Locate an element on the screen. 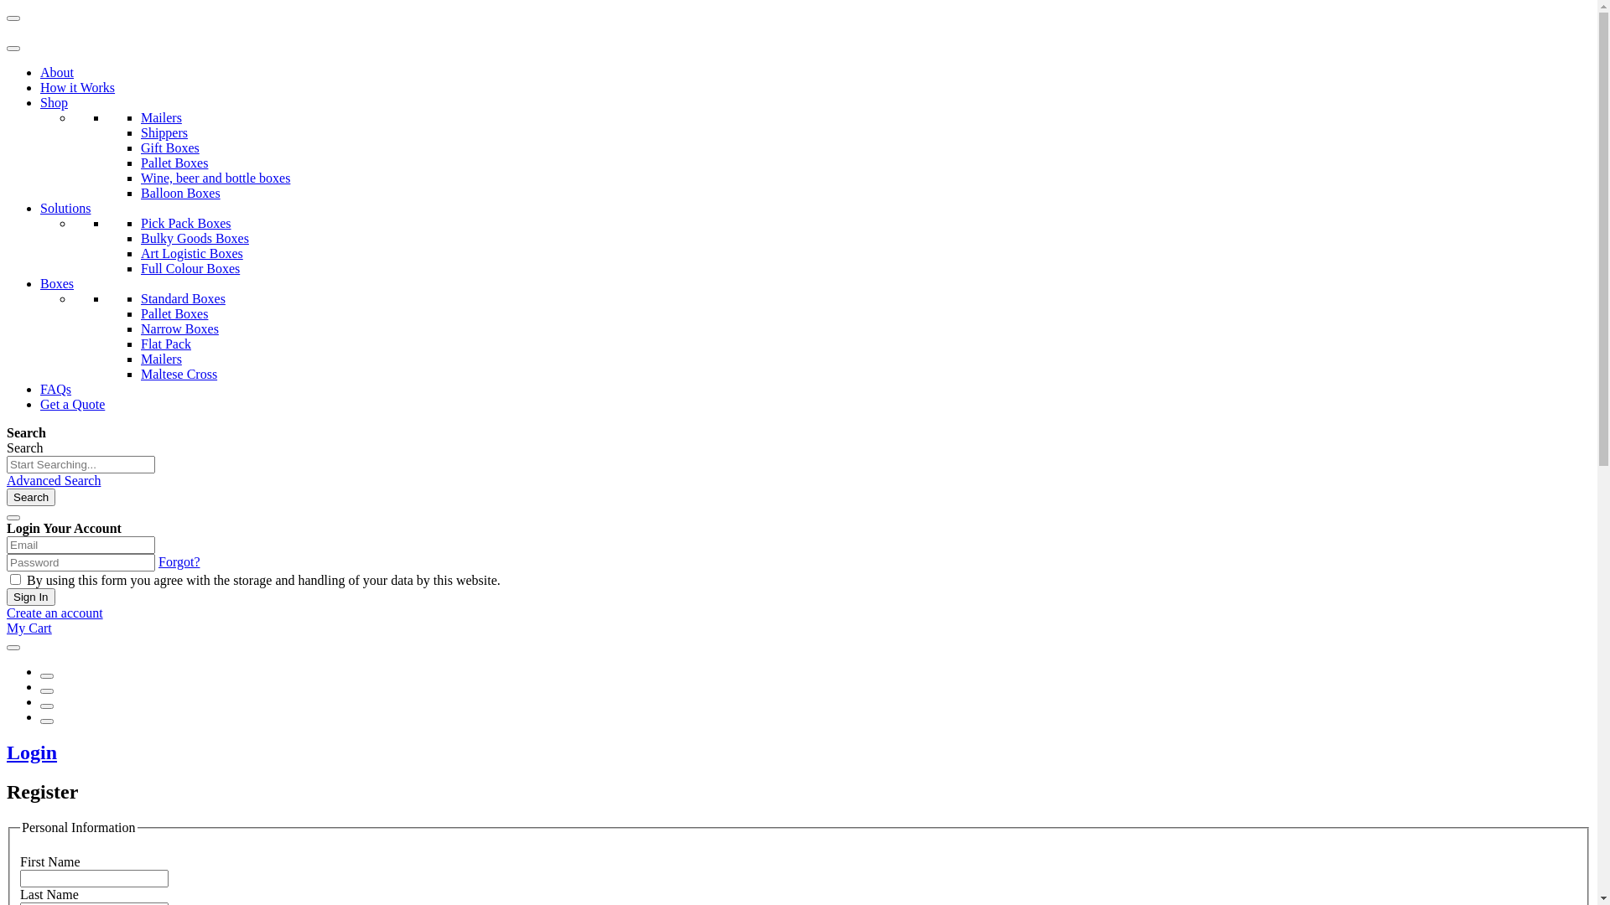  'My Cart' is located at coordinates (7, 628).